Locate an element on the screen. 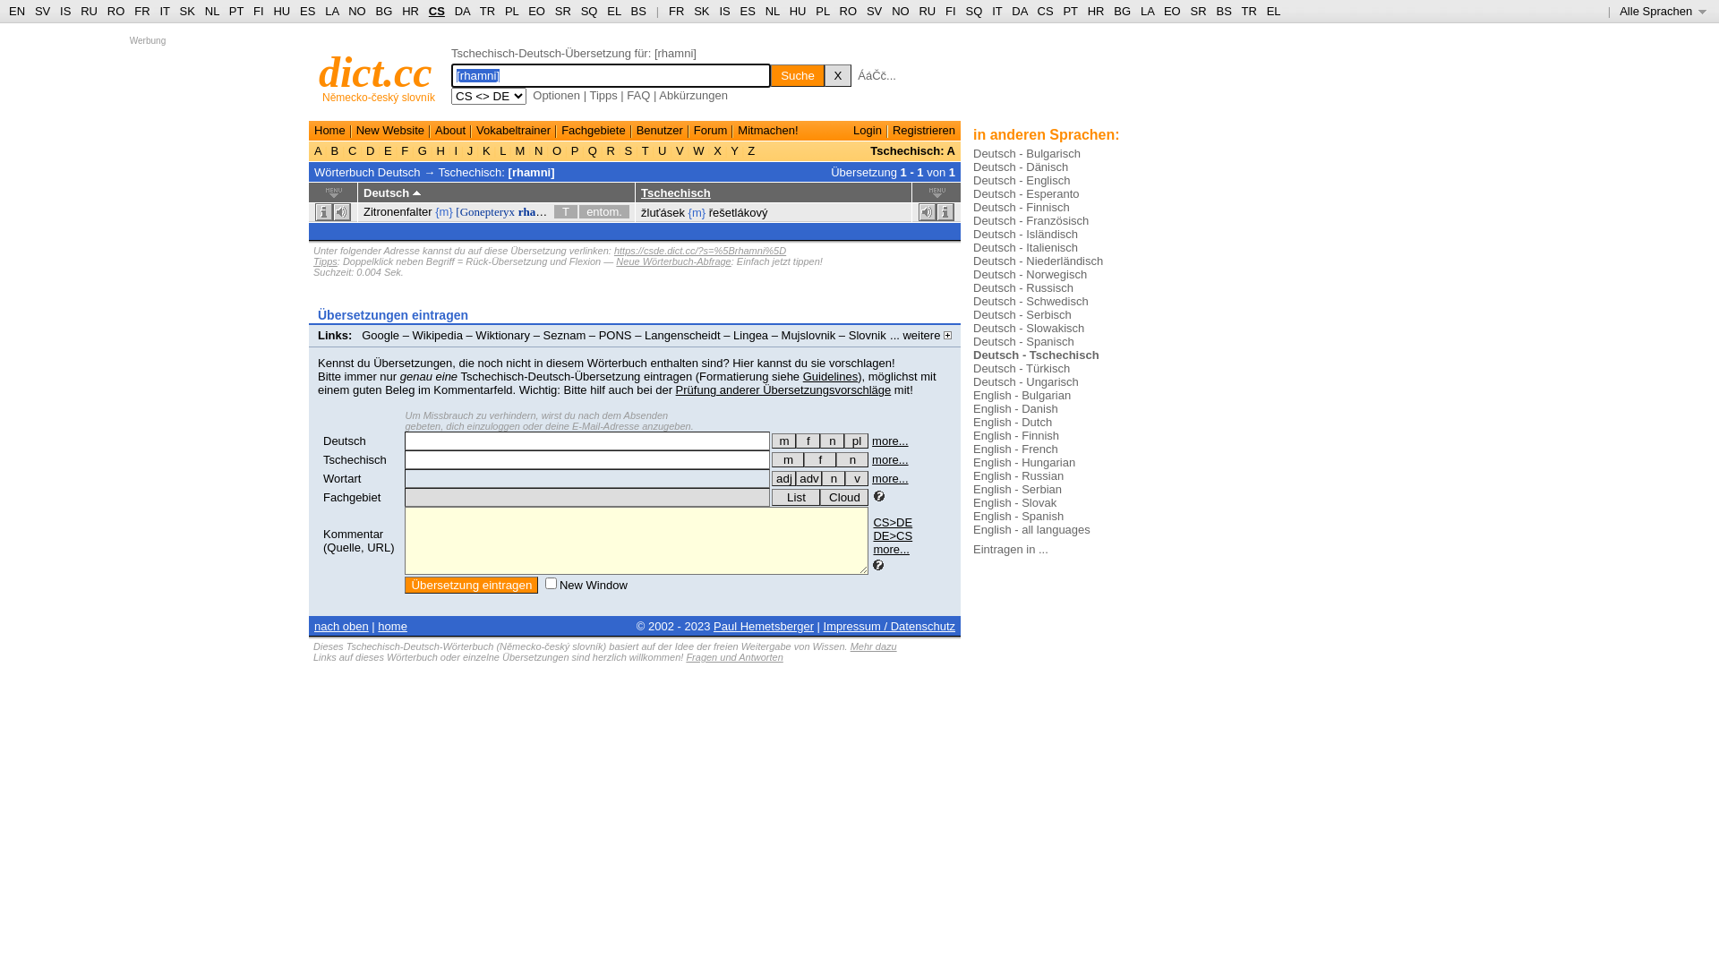 The height and width of the screenshot is (967, 1719). 'die - weiblich (Femininum)' is located at coordinates (794, 441).